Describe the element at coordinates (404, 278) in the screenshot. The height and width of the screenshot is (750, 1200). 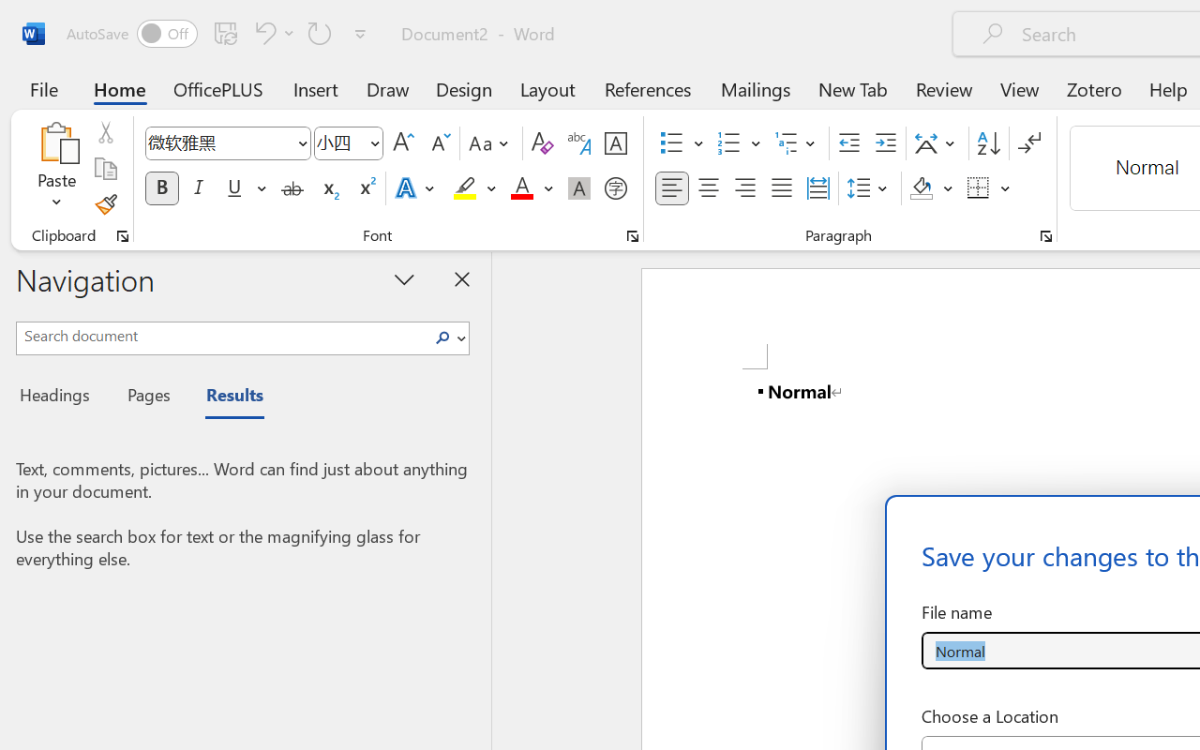
I see `'Task Pane Options'` at that location.